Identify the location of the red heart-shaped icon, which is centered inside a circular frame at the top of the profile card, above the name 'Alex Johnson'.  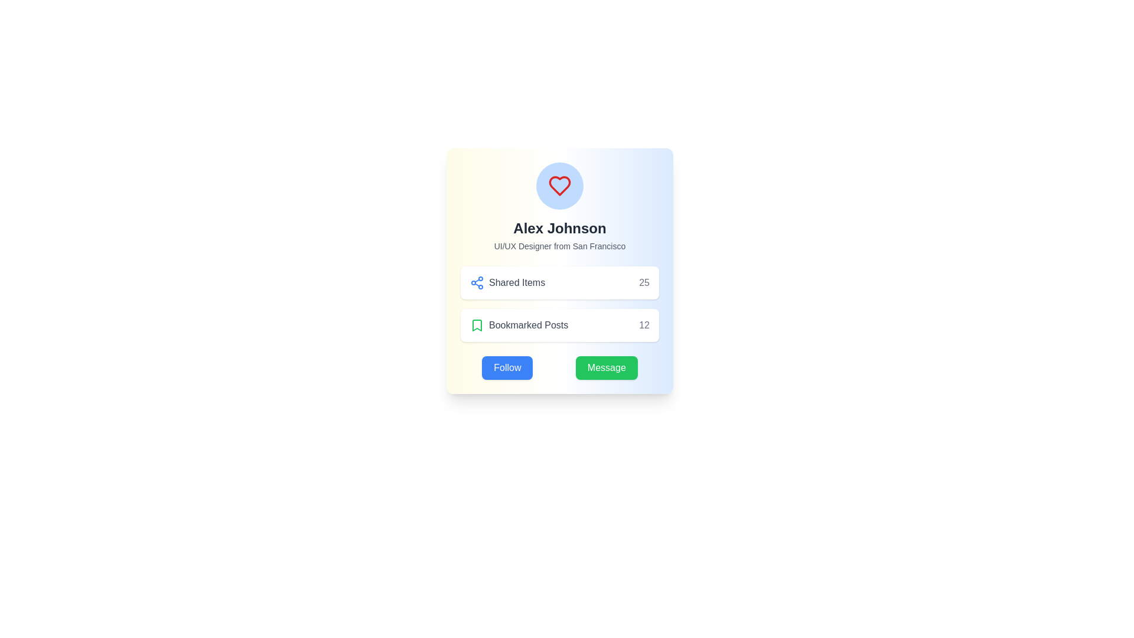
(559, 186).